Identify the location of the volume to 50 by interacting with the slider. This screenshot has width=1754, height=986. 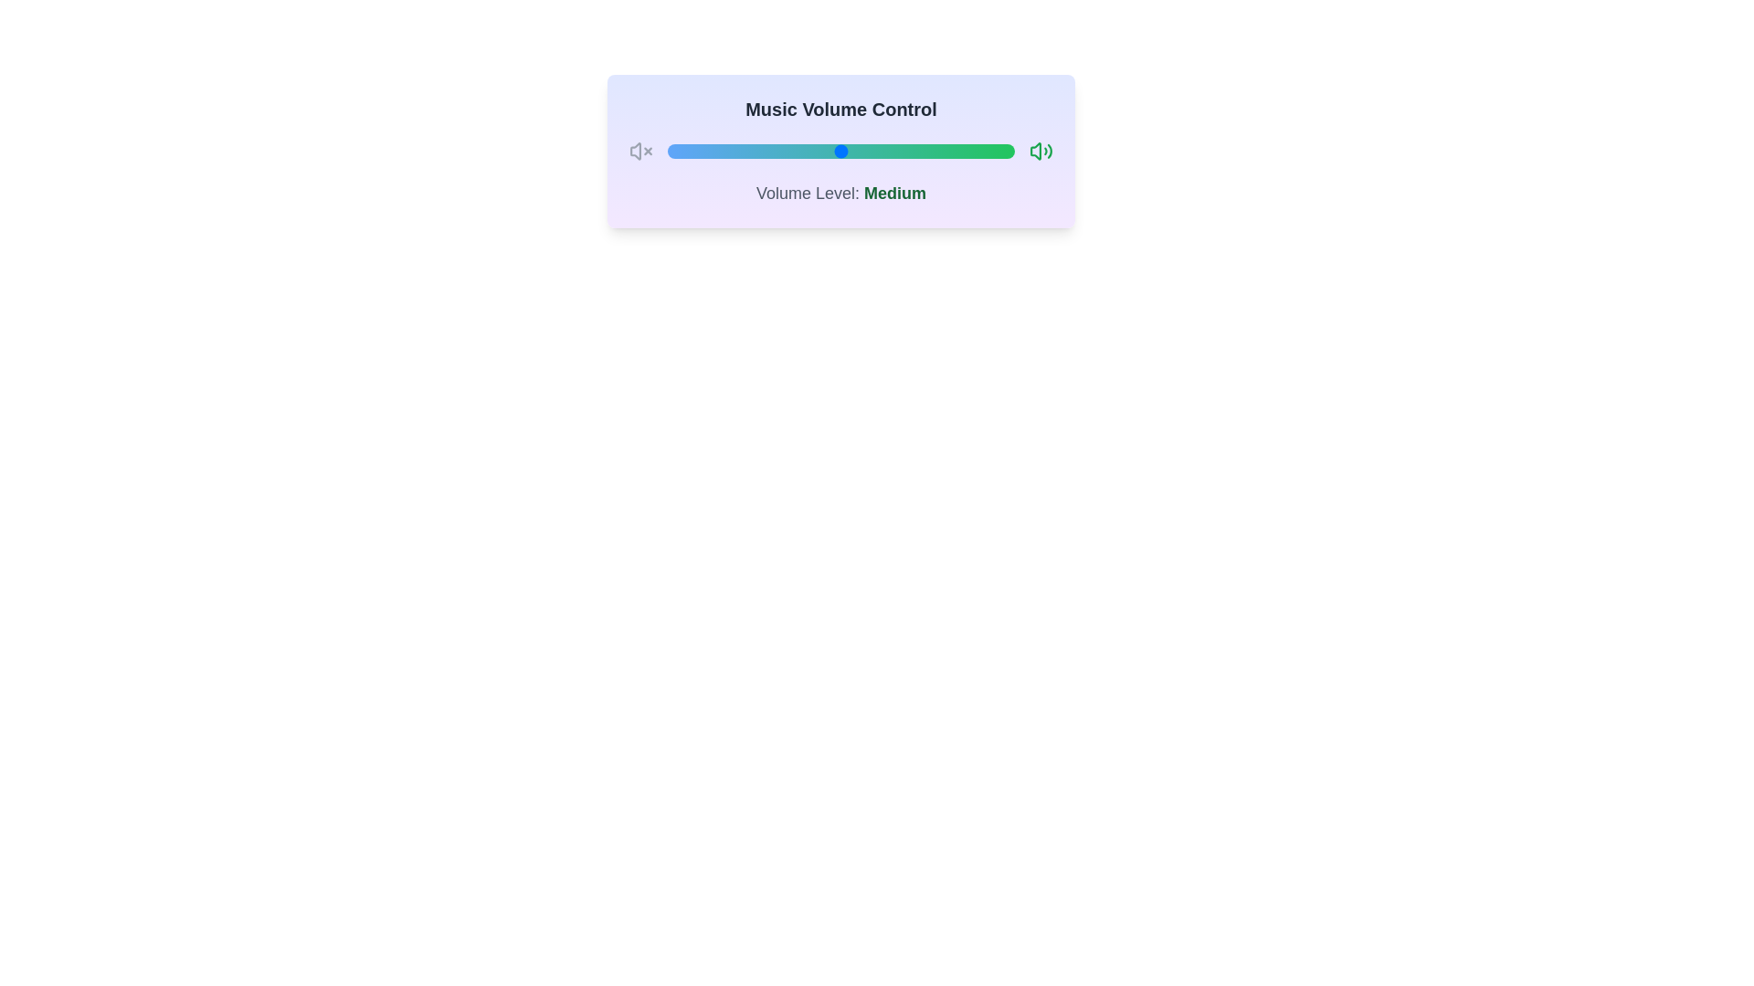
(840, 150).